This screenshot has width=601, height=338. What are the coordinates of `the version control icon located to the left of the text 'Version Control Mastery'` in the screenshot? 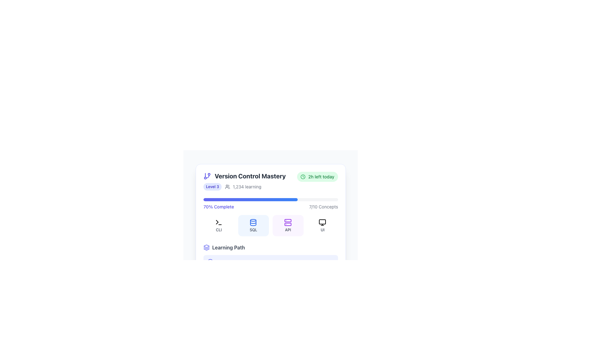 It's located at (207, 176).